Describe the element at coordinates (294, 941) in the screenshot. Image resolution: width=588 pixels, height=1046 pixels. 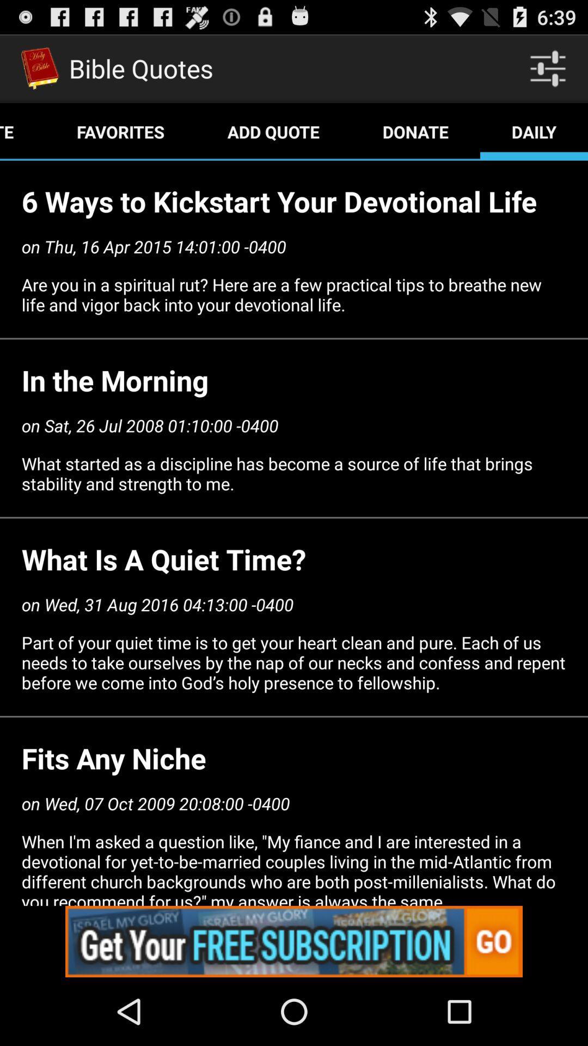
I see `advertisement` at that location.